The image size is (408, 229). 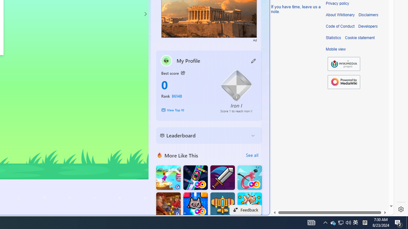 I want to click on 'Code of Conduct', so click(x=340, y=26).